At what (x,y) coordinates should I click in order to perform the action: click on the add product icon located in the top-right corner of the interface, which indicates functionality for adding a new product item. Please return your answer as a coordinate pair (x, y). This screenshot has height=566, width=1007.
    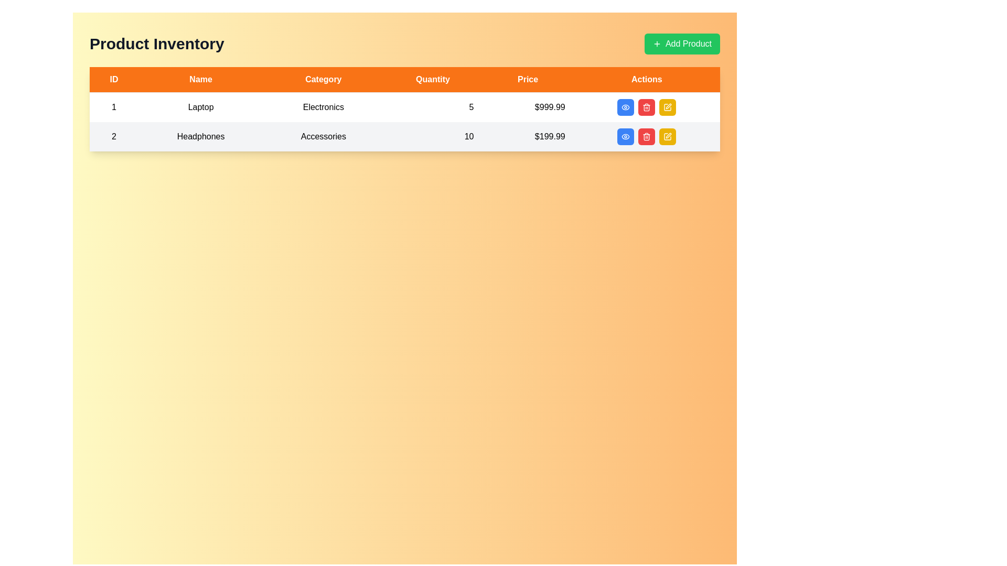
    Looking at the image, I should click on (656, 43).